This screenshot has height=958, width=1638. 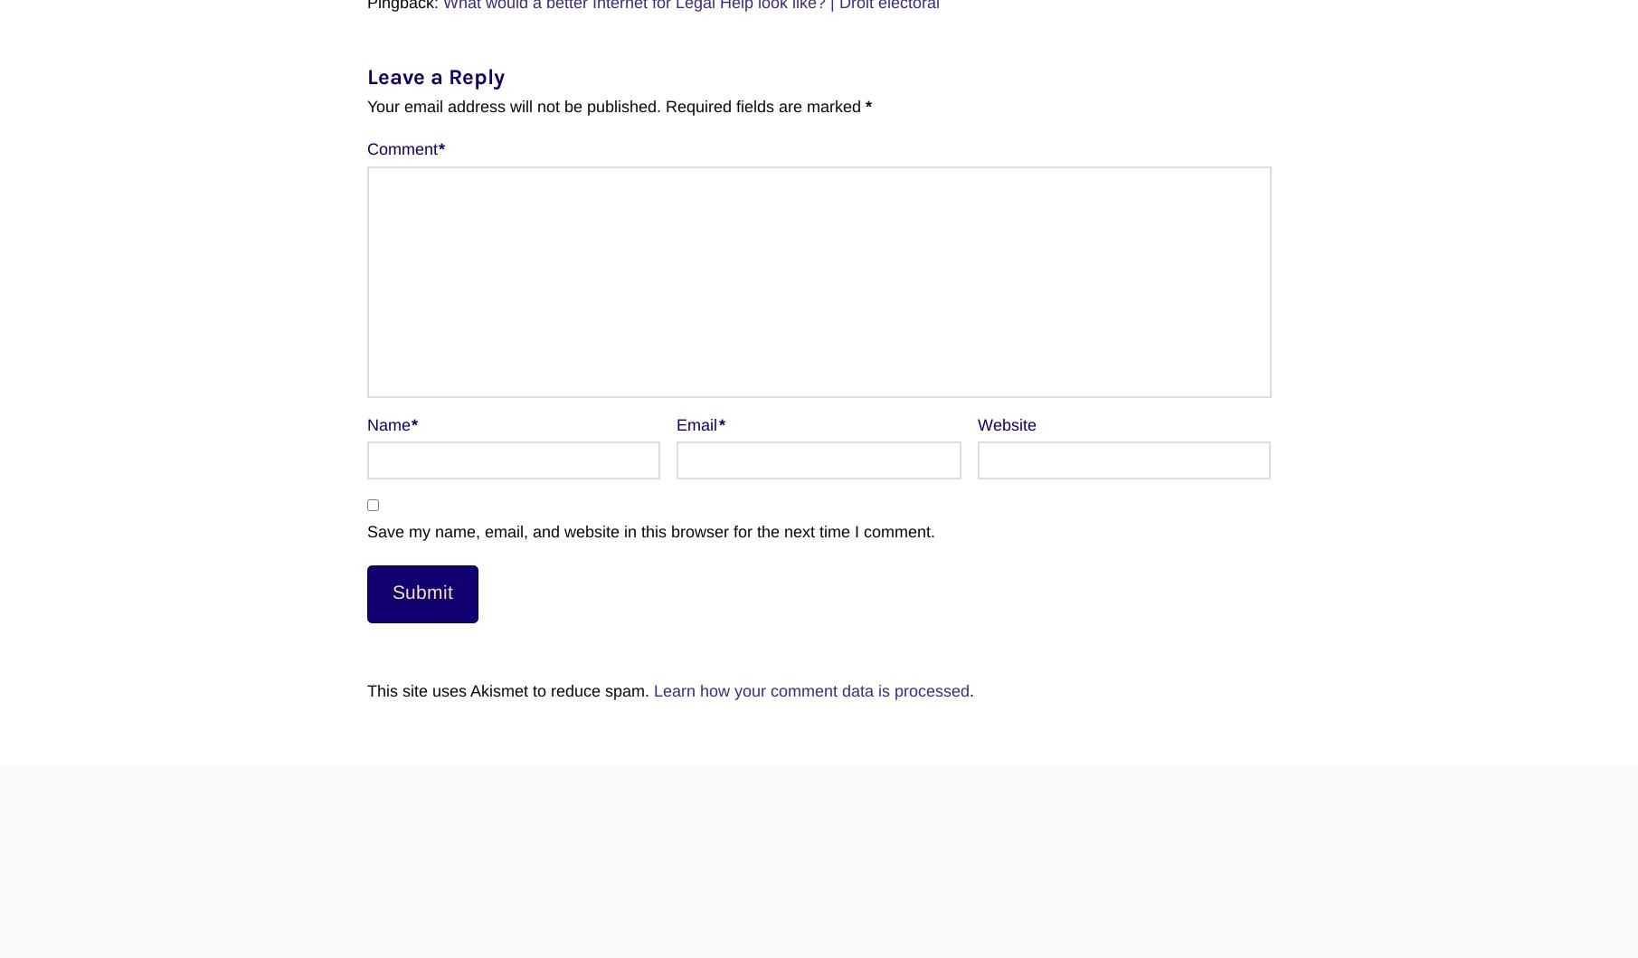 I want to click on 'Email', so click(x=697, y=424).